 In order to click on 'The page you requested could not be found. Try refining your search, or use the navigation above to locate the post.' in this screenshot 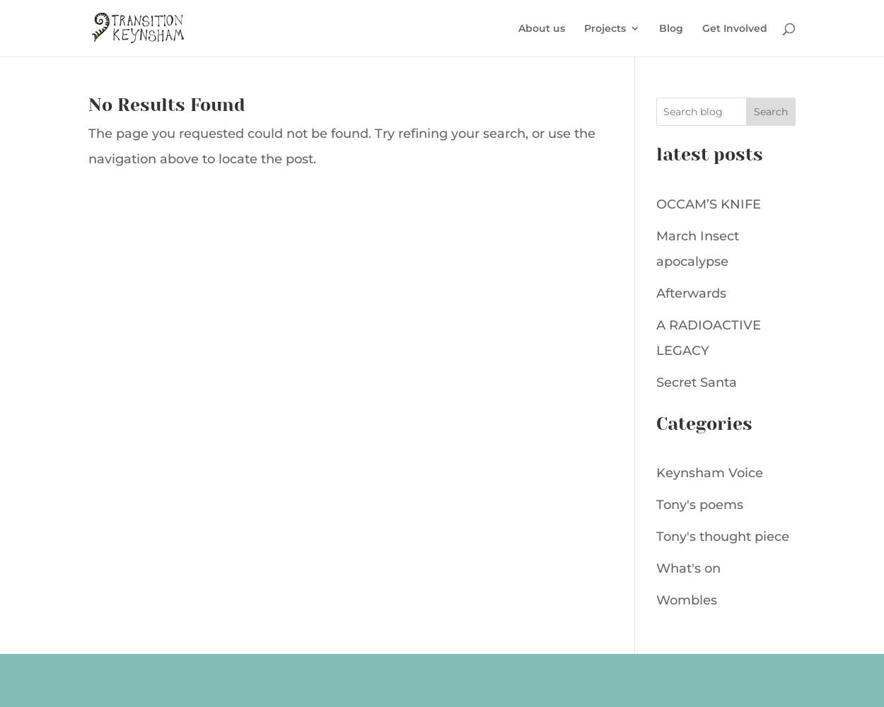, I will do `click(341, 145)`.